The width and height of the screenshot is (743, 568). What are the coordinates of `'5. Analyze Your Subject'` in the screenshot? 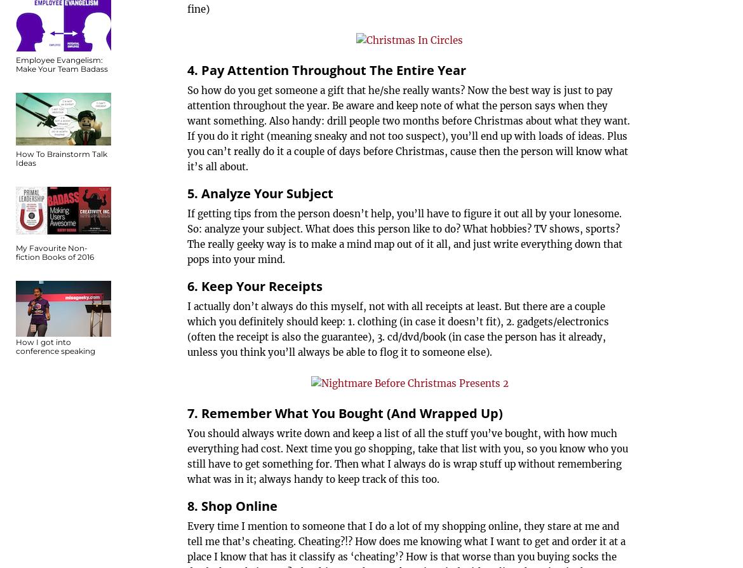 It's located at (260, 193).